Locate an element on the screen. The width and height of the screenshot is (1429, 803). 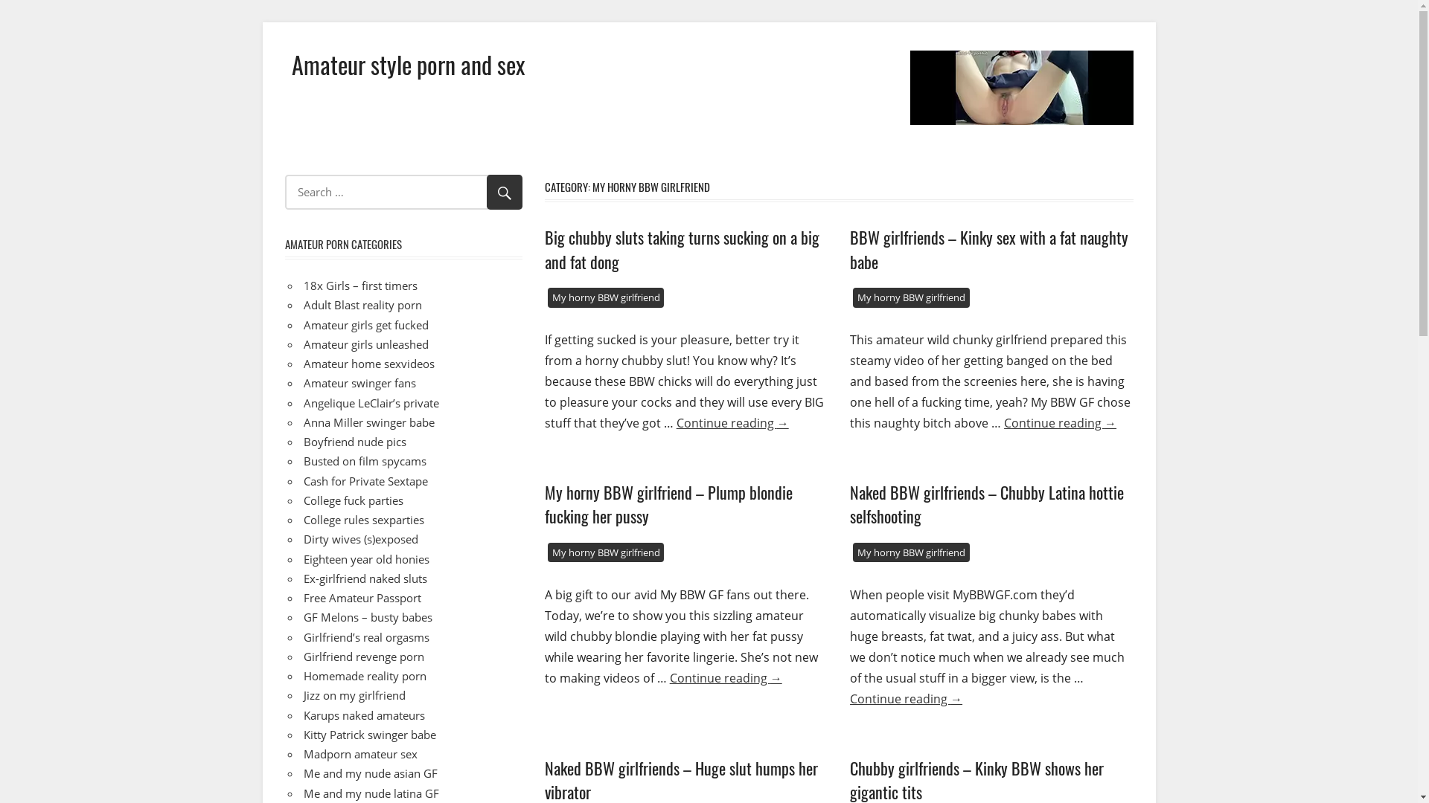
'Amateur home sexvideos' is located at coordinates (368, 364).